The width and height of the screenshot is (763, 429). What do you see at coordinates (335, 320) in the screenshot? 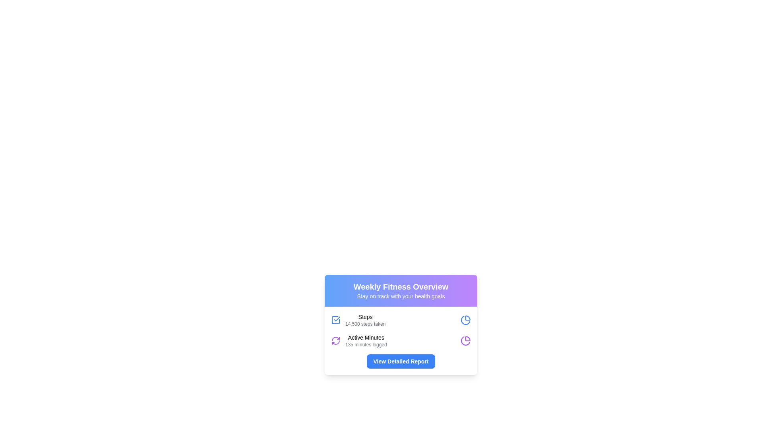
I see `the blue outlined square icon that is part of an SVG graphic element, located to the left of the text 'Steps' with the description '14,500 steps taken'` at bounding box center [335, 320].